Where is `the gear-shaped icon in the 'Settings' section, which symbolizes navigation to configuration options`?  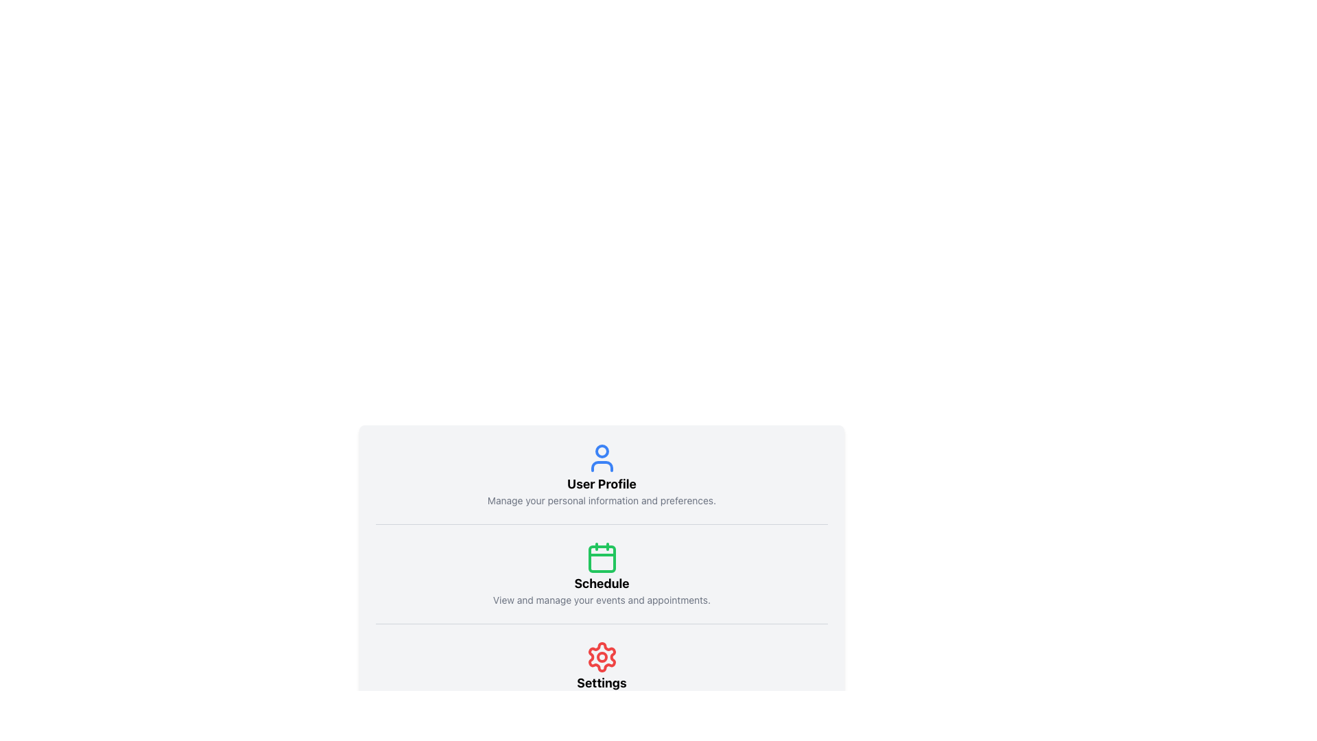
the gear-shaped icon in the 'Settings' section, which symbolizes navigation to configuration options is located at coordinates (602, 656).